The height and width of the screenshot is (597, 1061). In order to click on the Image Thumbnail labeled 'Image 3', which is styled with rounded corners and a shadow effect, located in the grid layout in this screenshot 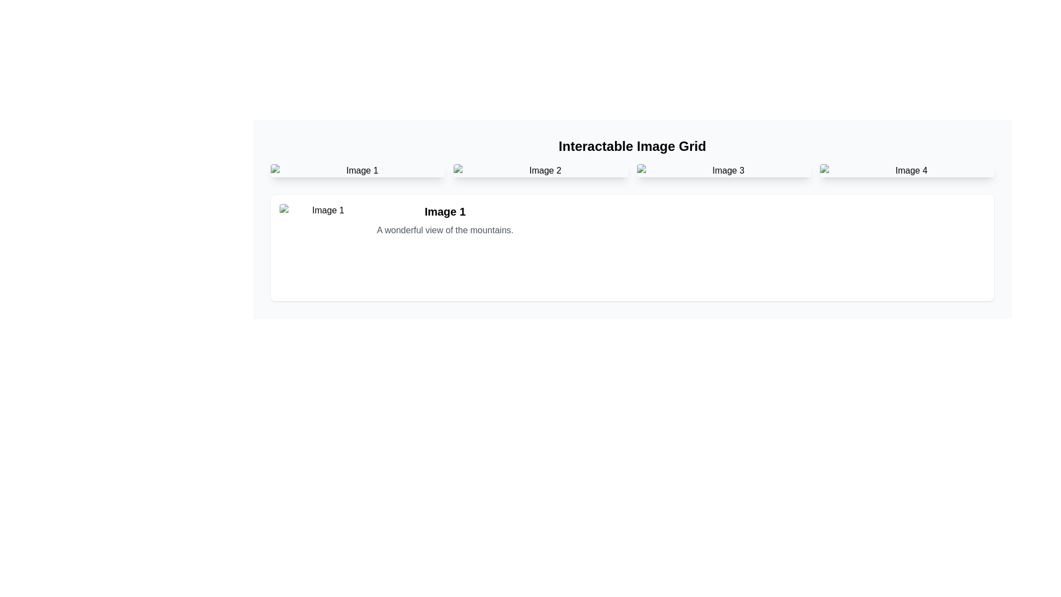, I will do `click(724, 170)`.